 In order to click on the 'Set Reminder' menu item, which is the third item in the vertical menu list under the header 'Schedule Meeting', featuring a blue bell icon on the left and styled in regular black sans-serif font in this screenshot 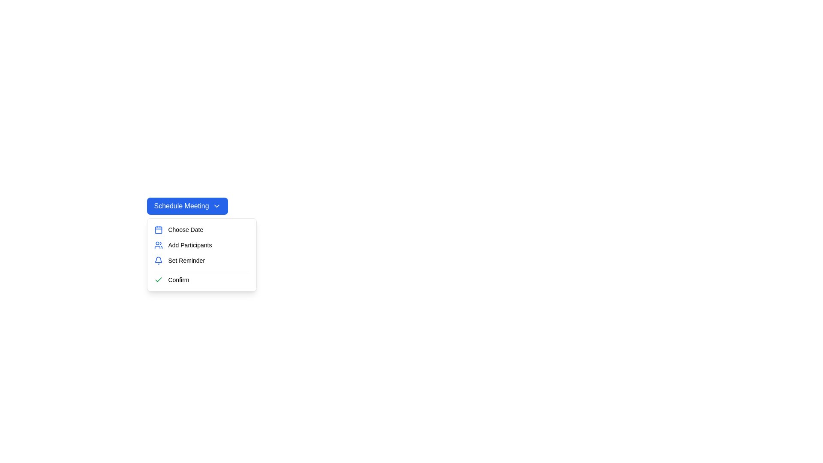, I will do `click(201, 260)`.